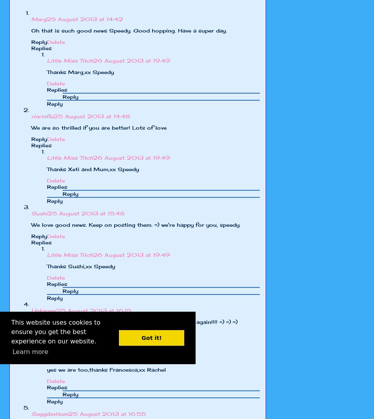 Image resolution: width=374 pixels, height=419 pixels. I want to click on '26 August 2013 at 19:50', so click(132, 358).